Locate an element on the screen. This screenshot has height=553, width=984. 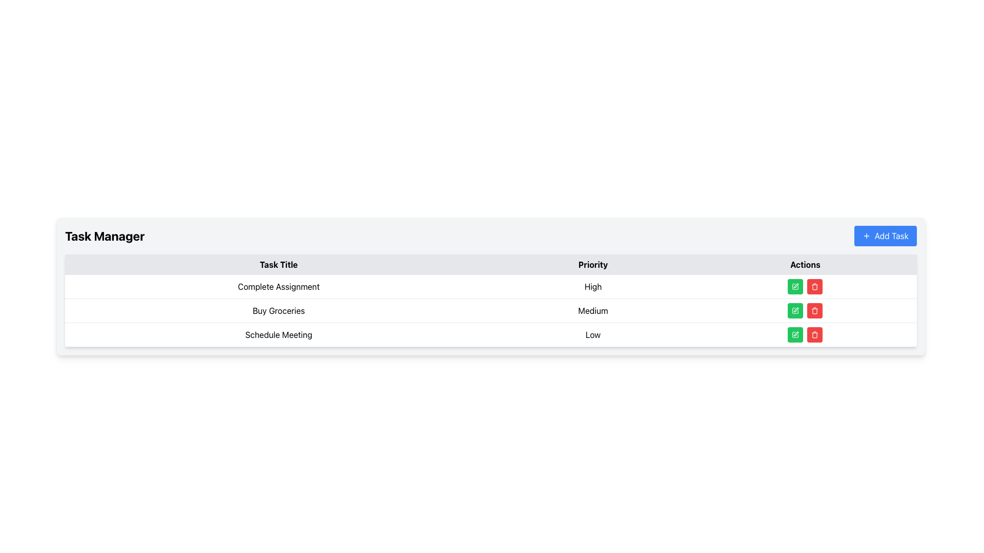
the red button with rounded corners featuring a white trash icon, located in the 'Actions' column of the last row of the table is located at coordinates (814, 335).